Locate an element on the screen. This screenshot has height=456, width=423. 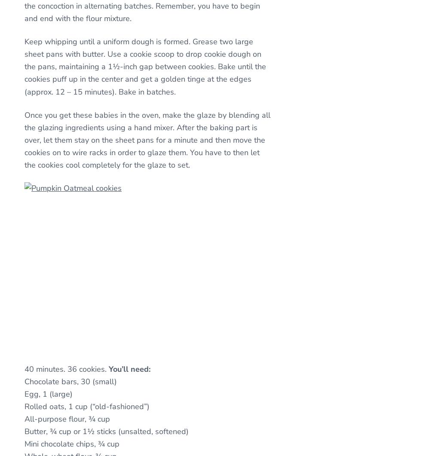
'Mini chocolate chips, ¾ cup' is located at coordinates (72, 443).